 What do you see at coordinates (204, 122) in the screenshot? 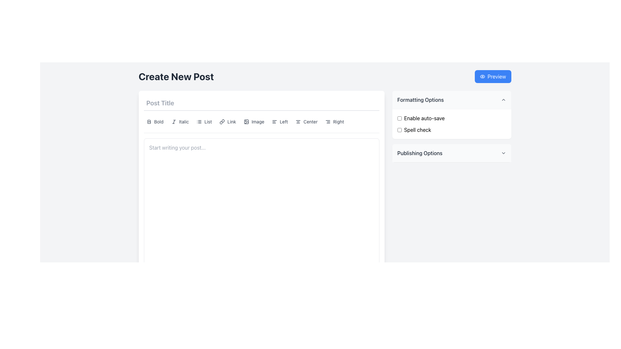
I see `the 'List' button in the toolbar, which is styled with a gray icon and text` at bounding box center [204, 122].